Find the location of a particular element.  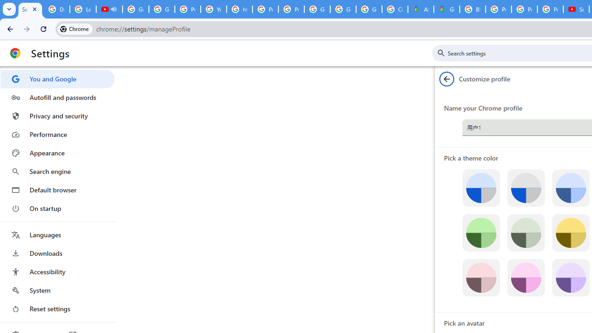

'Learn how to find your photos - Google Photos Help' is located at coordinates (83, 9).